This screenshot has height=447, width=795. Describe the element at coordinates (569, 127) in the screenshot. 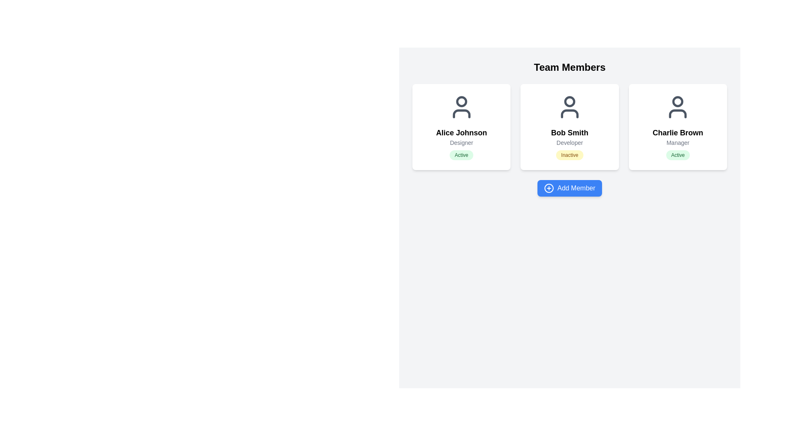

I see `the user profile card displaying the user's name, role, and current status, located in the middle of a three-column grid layout as the second card` at that location.